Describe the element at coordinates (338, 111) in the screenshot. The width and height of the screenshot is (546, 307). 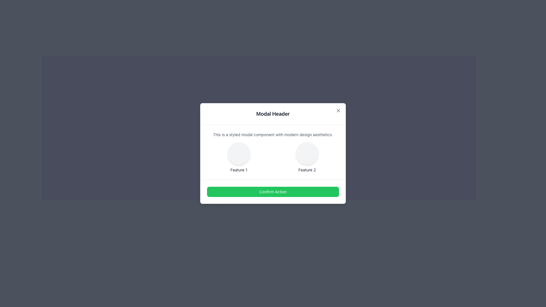
I see `the close button located in the top-right corner of the modal to change its color, which is positioned above the title text 'Modal Header'` at that location.